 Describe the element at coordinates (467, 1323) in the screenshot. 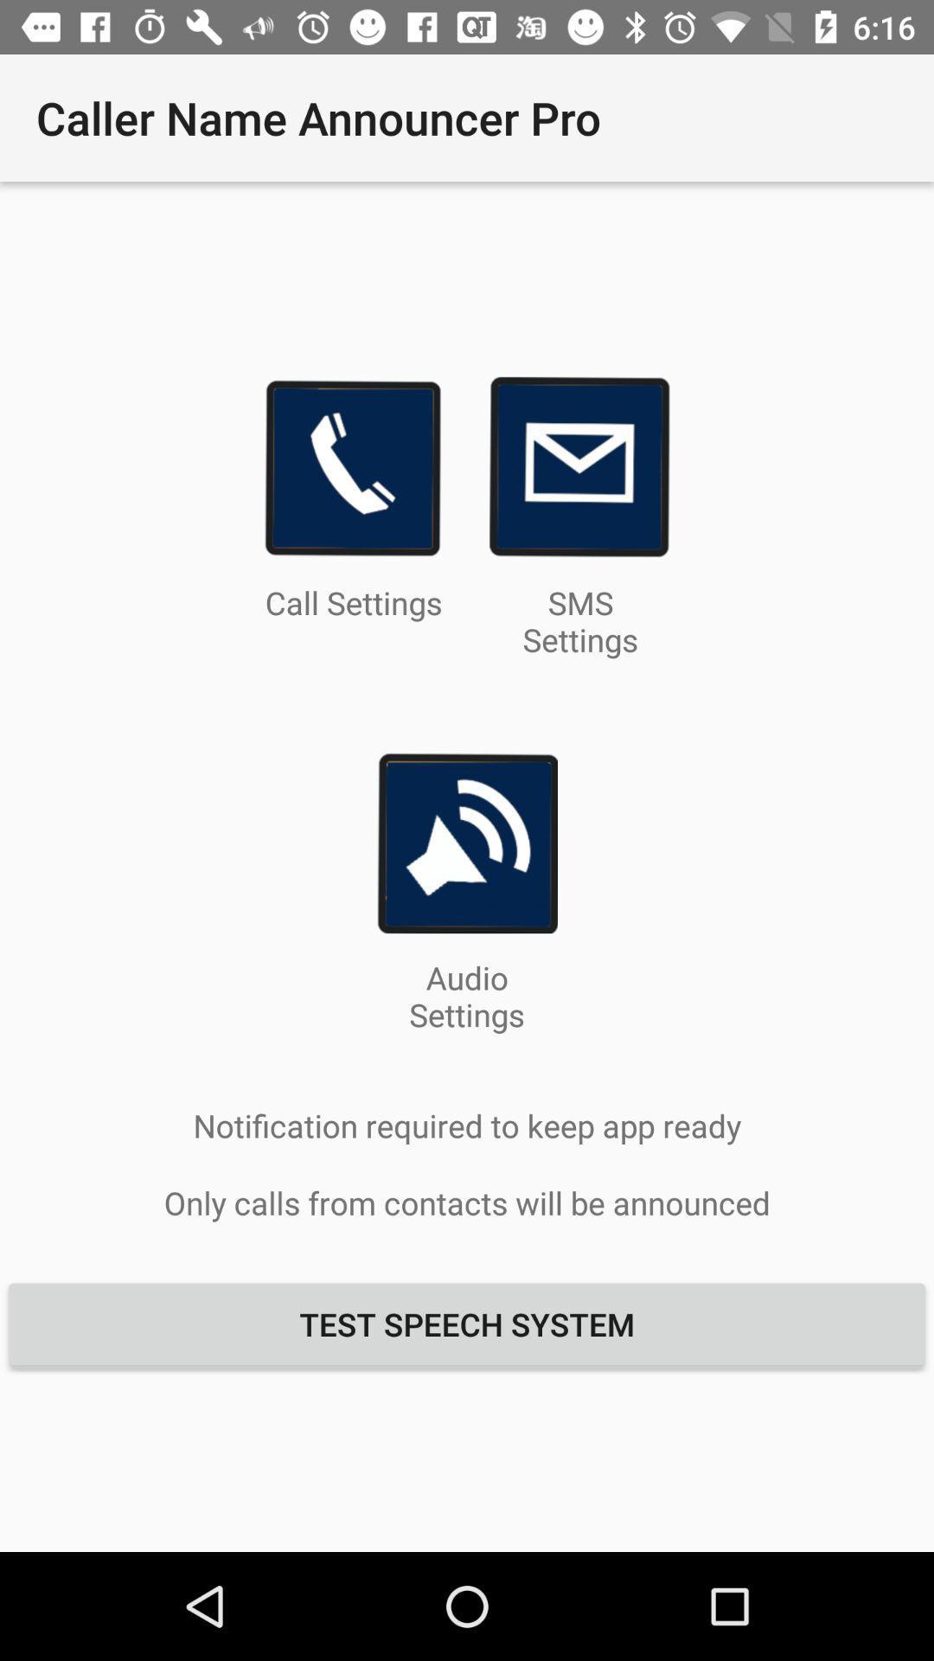

I see `the test speech system` at that location.